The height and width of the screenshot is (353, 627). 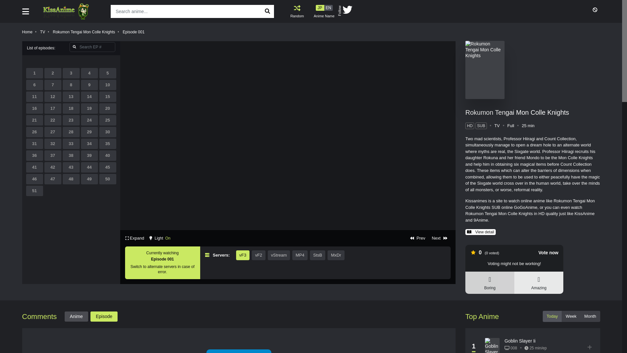 I want to click on '38', so click(x=63, y=155).